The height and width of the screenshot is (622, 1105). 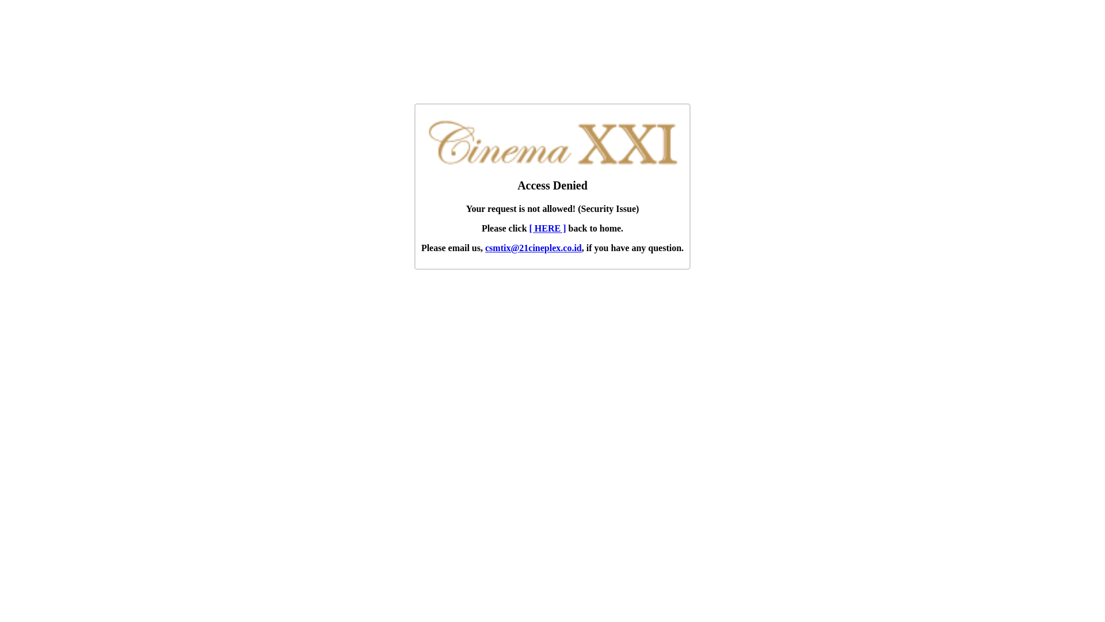 What do you see at coordinates (547, 229) in the screenshot?
I see `'[ HERE ]'` at bounding box center [547, 229].